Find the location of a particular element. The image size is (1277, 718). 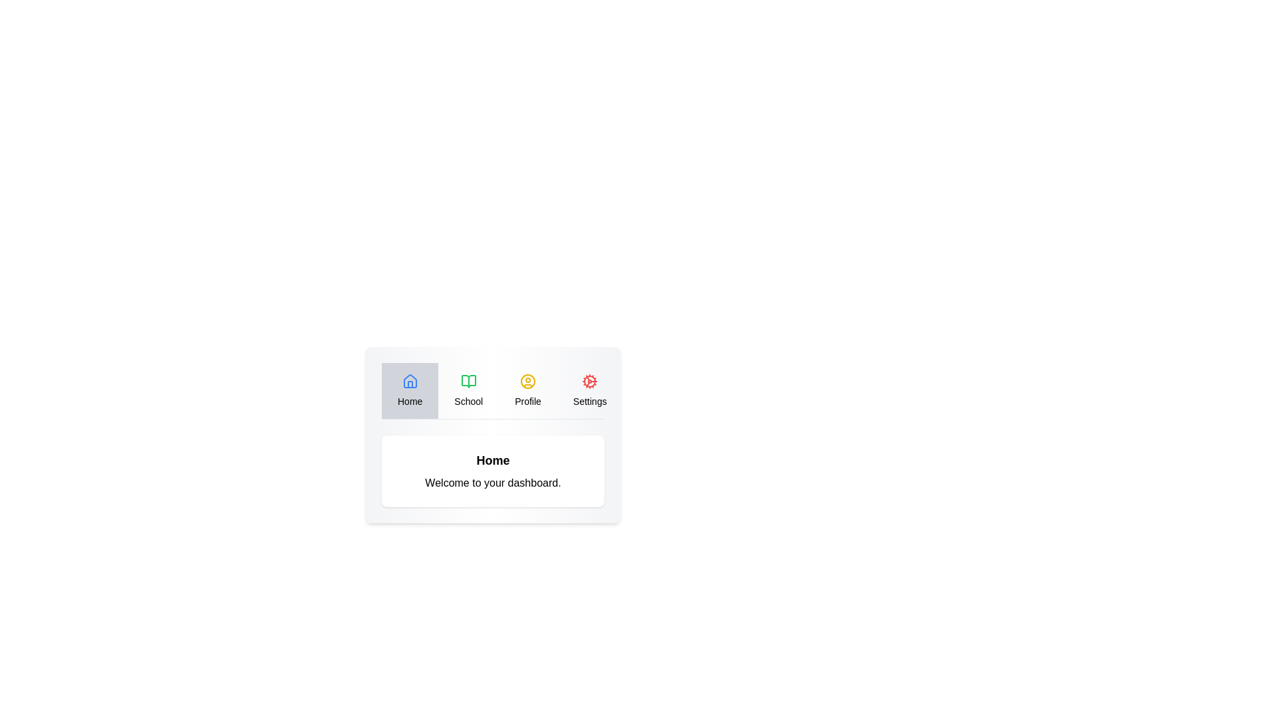

the Profile tab to navigate to it is located at coordinates (527, 390).